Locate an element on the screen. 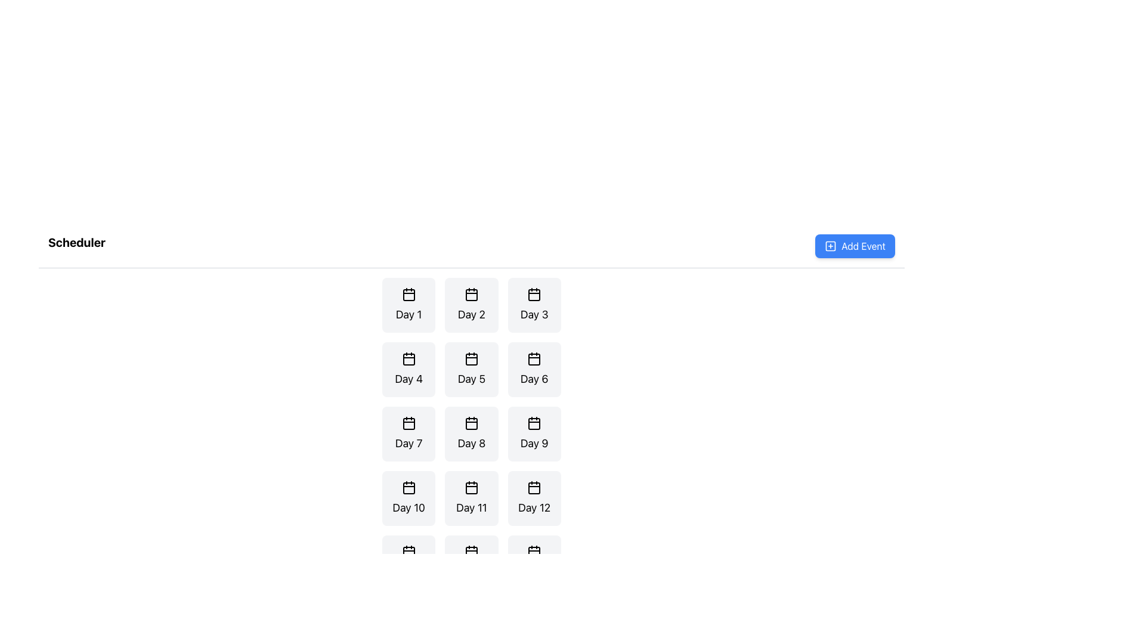  the calendar icon located in the bottom right of the main grid under the 'Day 12' label is located at coordinates (534, 487).